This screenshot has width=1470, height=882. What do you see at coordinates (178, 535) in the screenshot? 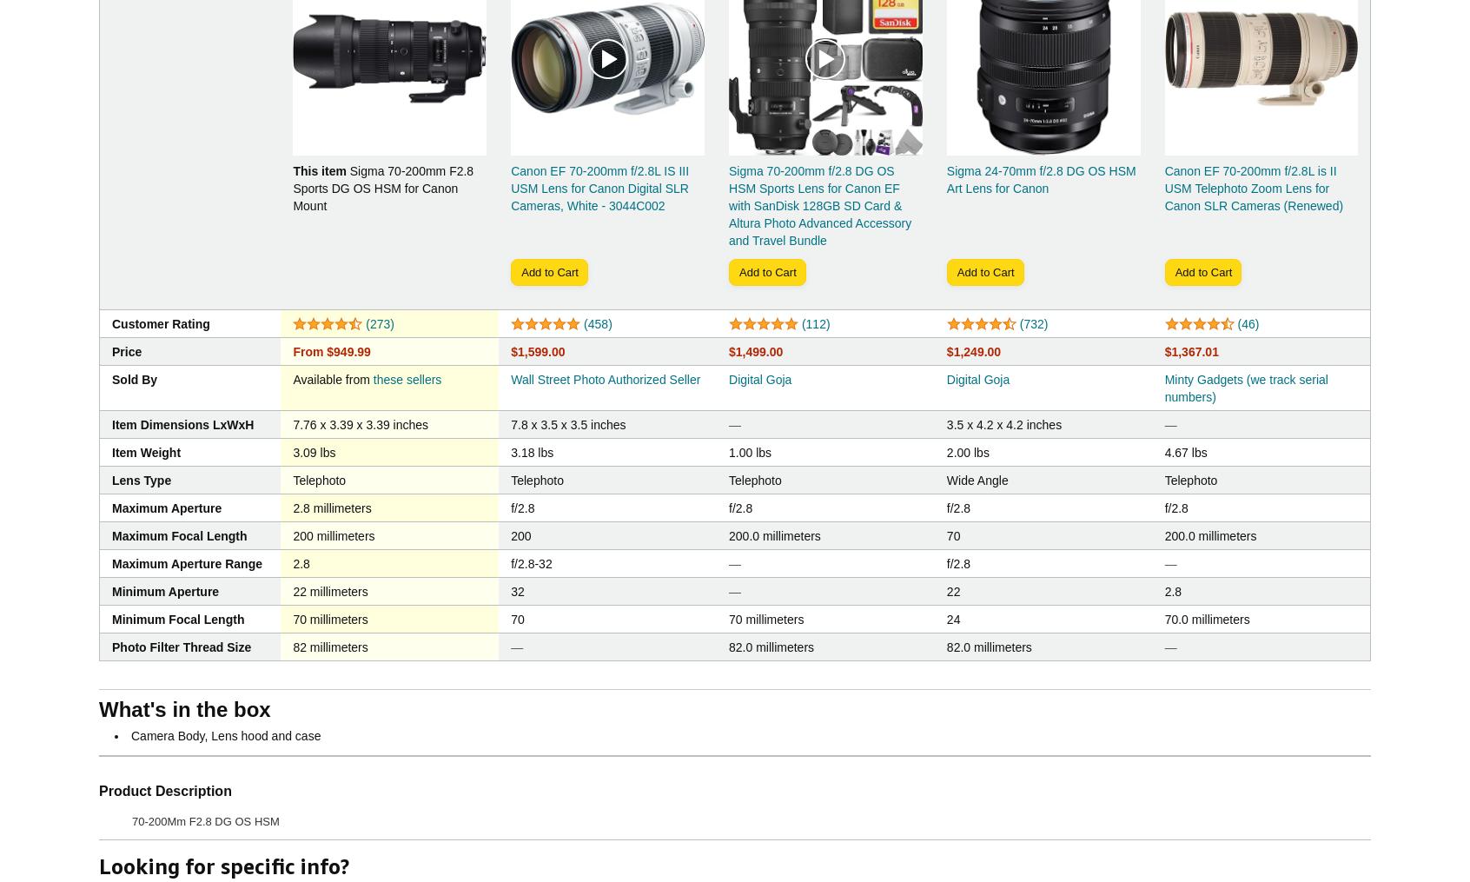
I see `'Maximum Focal Length'` at bounding box center [178, 535].